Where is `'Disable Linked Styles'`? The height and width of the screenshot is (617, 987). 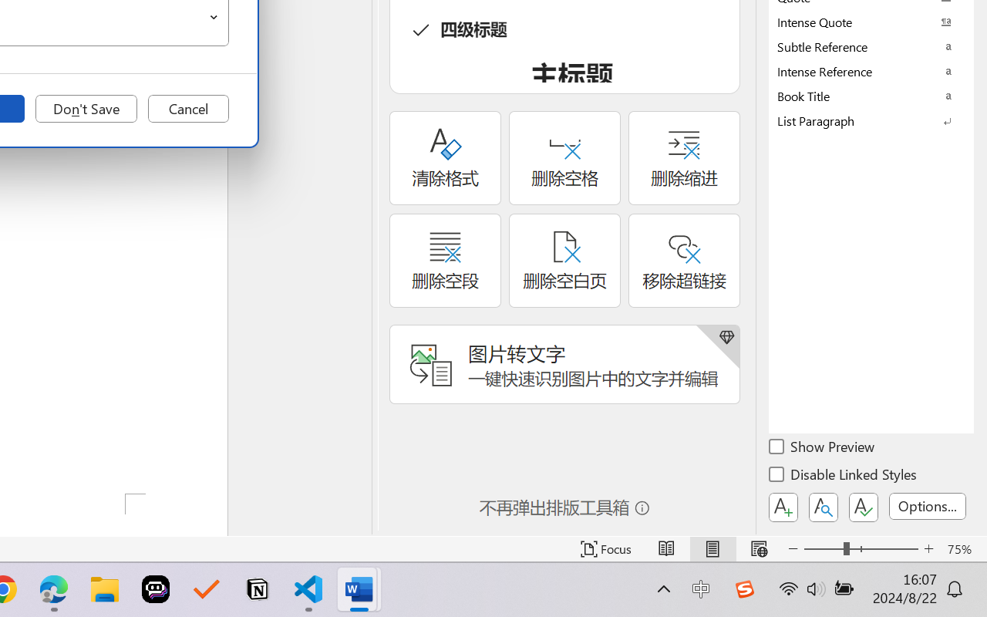
'Disable Linked Styles' is located at coordinates (844, 477).